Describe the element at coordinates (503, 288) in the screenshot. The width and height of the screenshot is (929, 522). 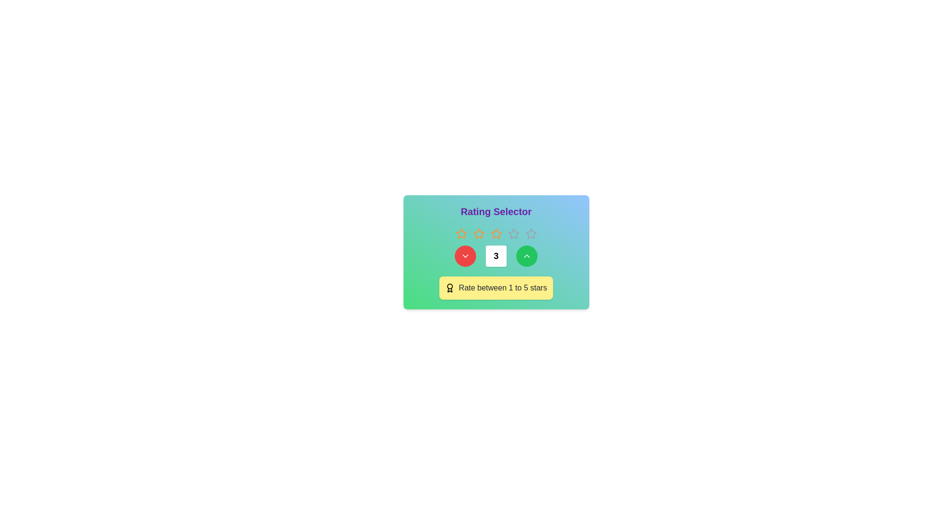
I see `the instructional text that says 'Rate between 1 to 5 stars.' which is displayed in a gray font on a yellow background at the bottom of the card interface` at that location.